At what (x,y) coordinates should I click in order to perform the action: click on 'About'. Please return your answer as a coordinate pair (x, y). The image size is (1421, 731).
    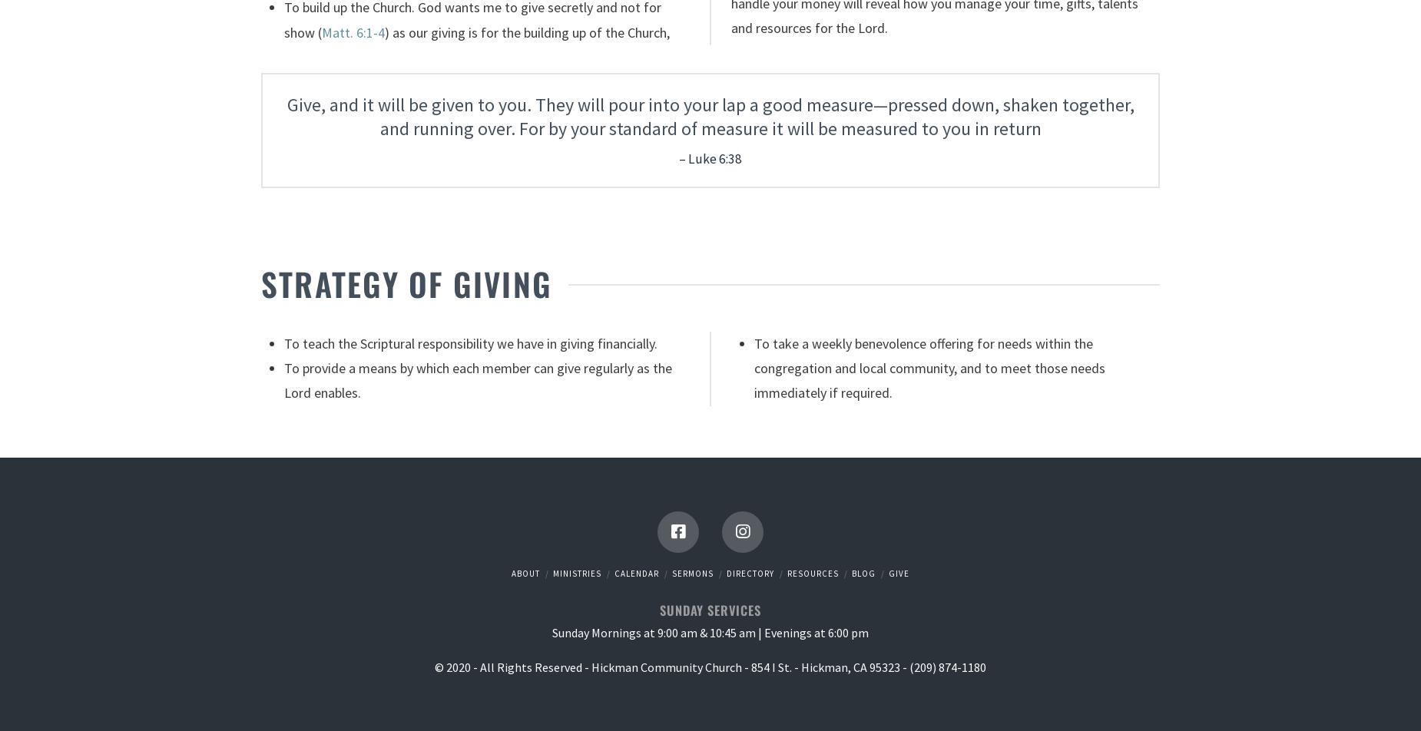
    Looking at the image, I should click on (525, 572).